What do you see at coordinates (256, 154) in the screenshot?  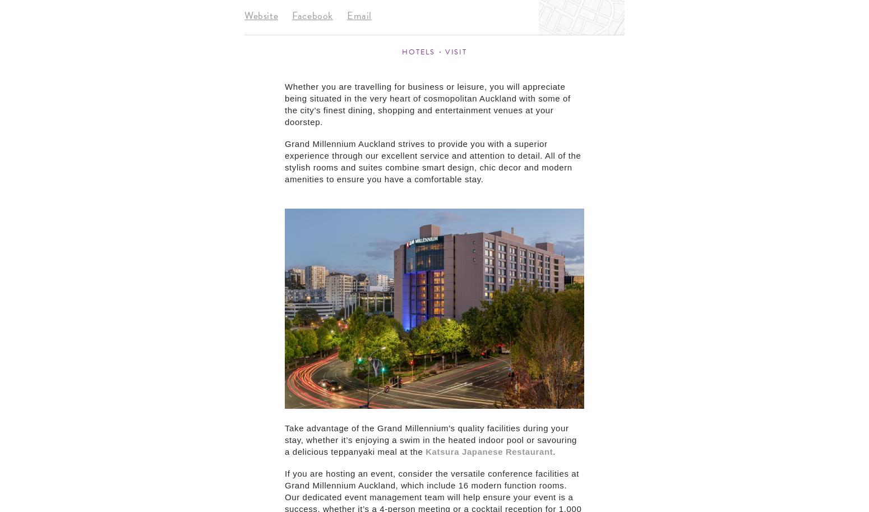 I see `'Christmas & NYE dinners and events'` at bounding box center [256, 154].